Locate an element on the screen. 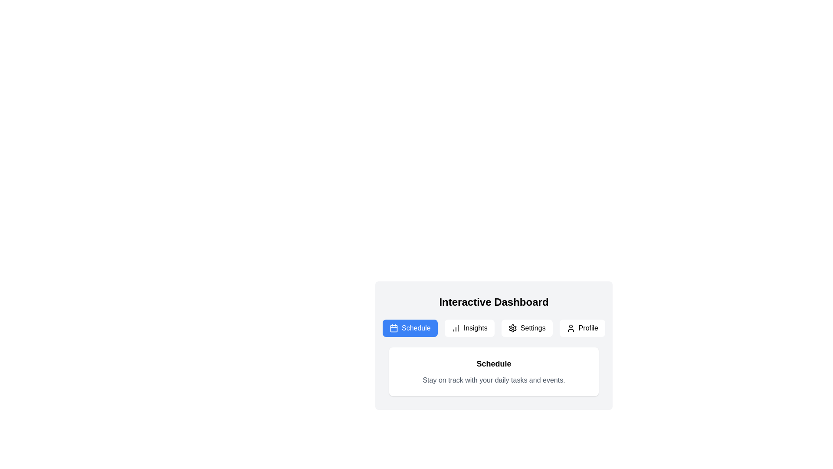 This screenshot has width=833, height=469. the tab labeled Insights is located at coordinates (469, 328).